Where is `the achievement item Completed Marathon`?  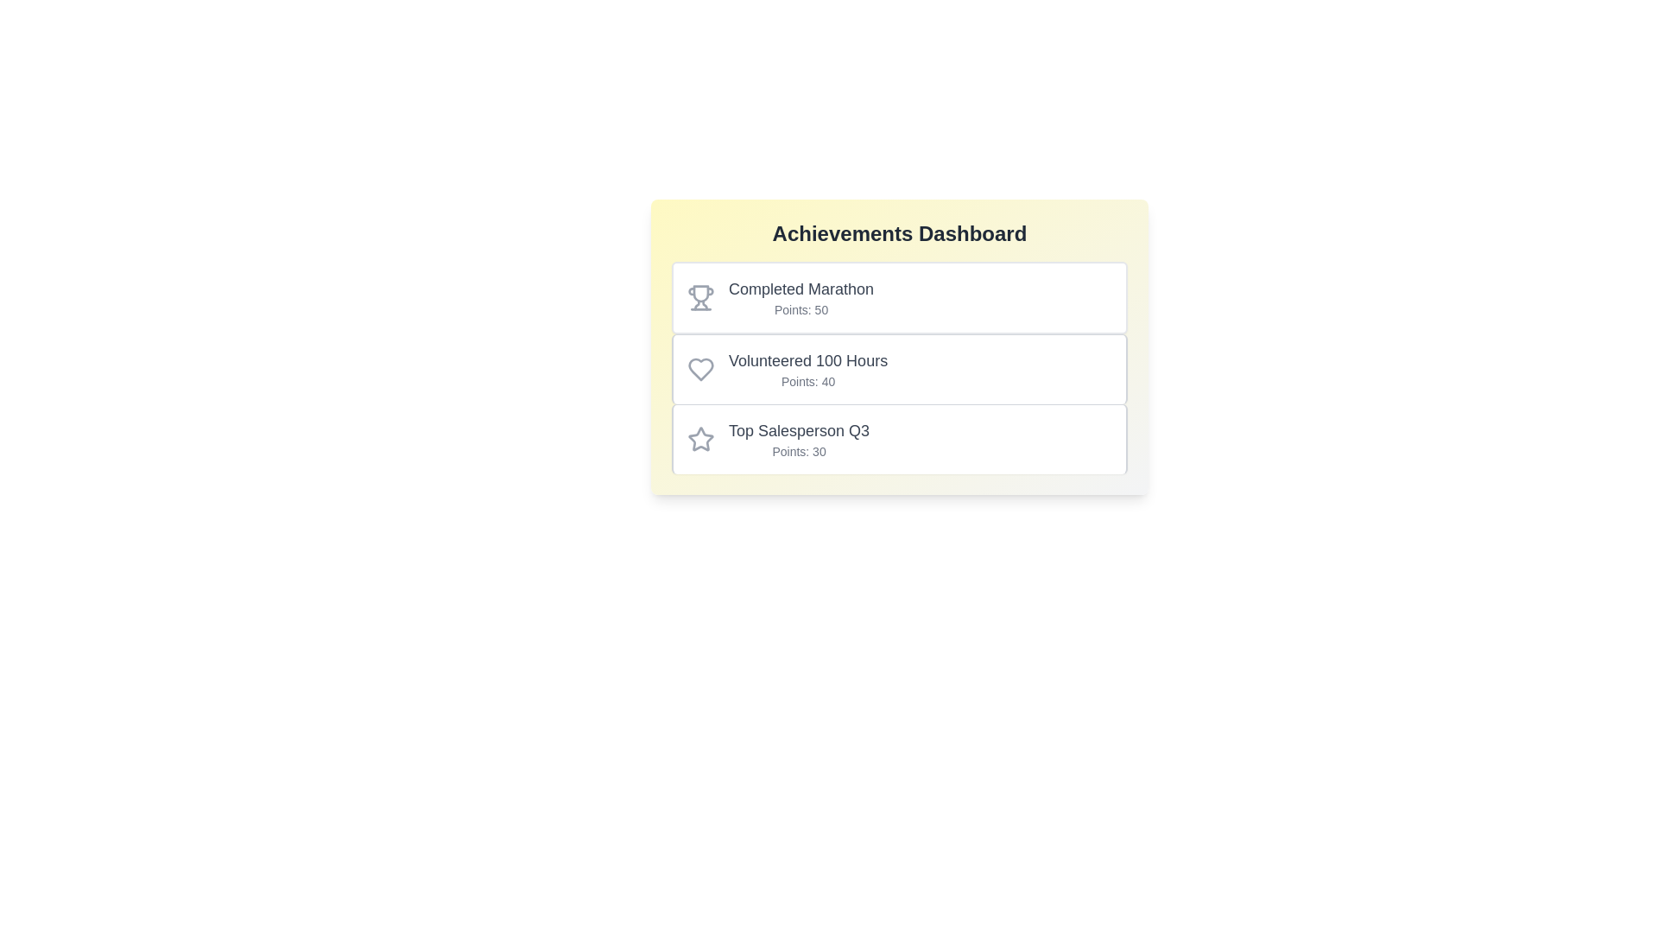
the achievement item Completed Marathon is located at coordinates (898, 296).